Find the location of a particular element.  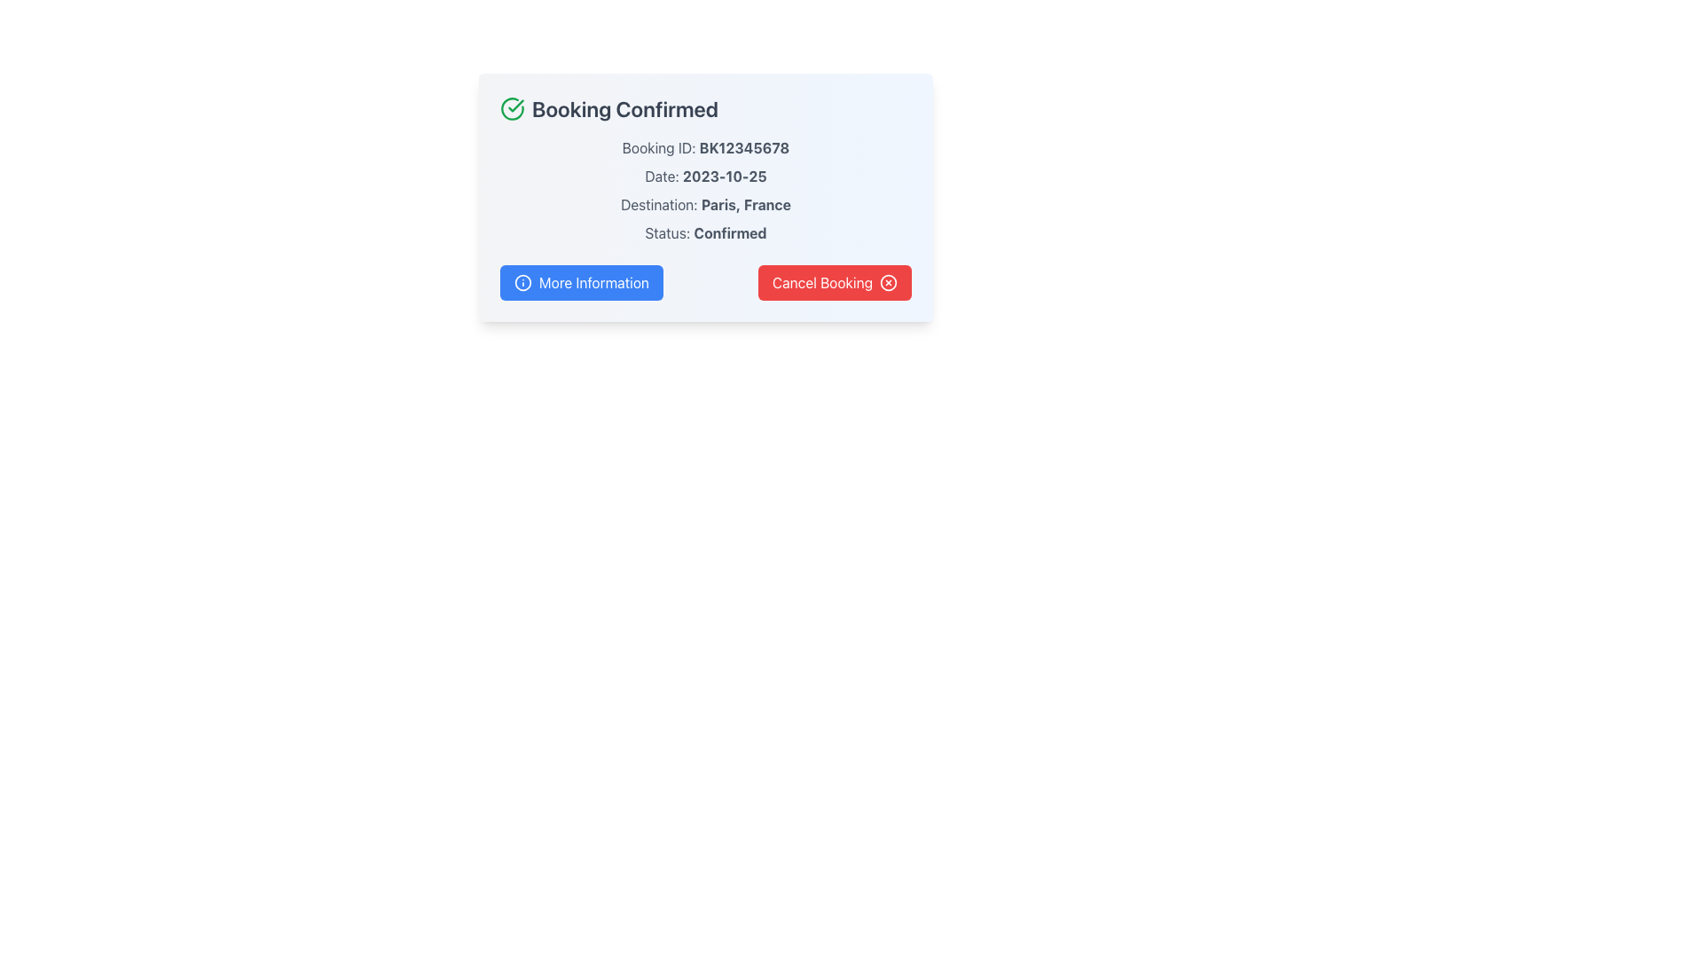

the static text element displaying the word 'Confirmed', which is located next to the label 'Status' and situated in the middle of the interface above two horizontal buttons is located at coordinates (730, 232).